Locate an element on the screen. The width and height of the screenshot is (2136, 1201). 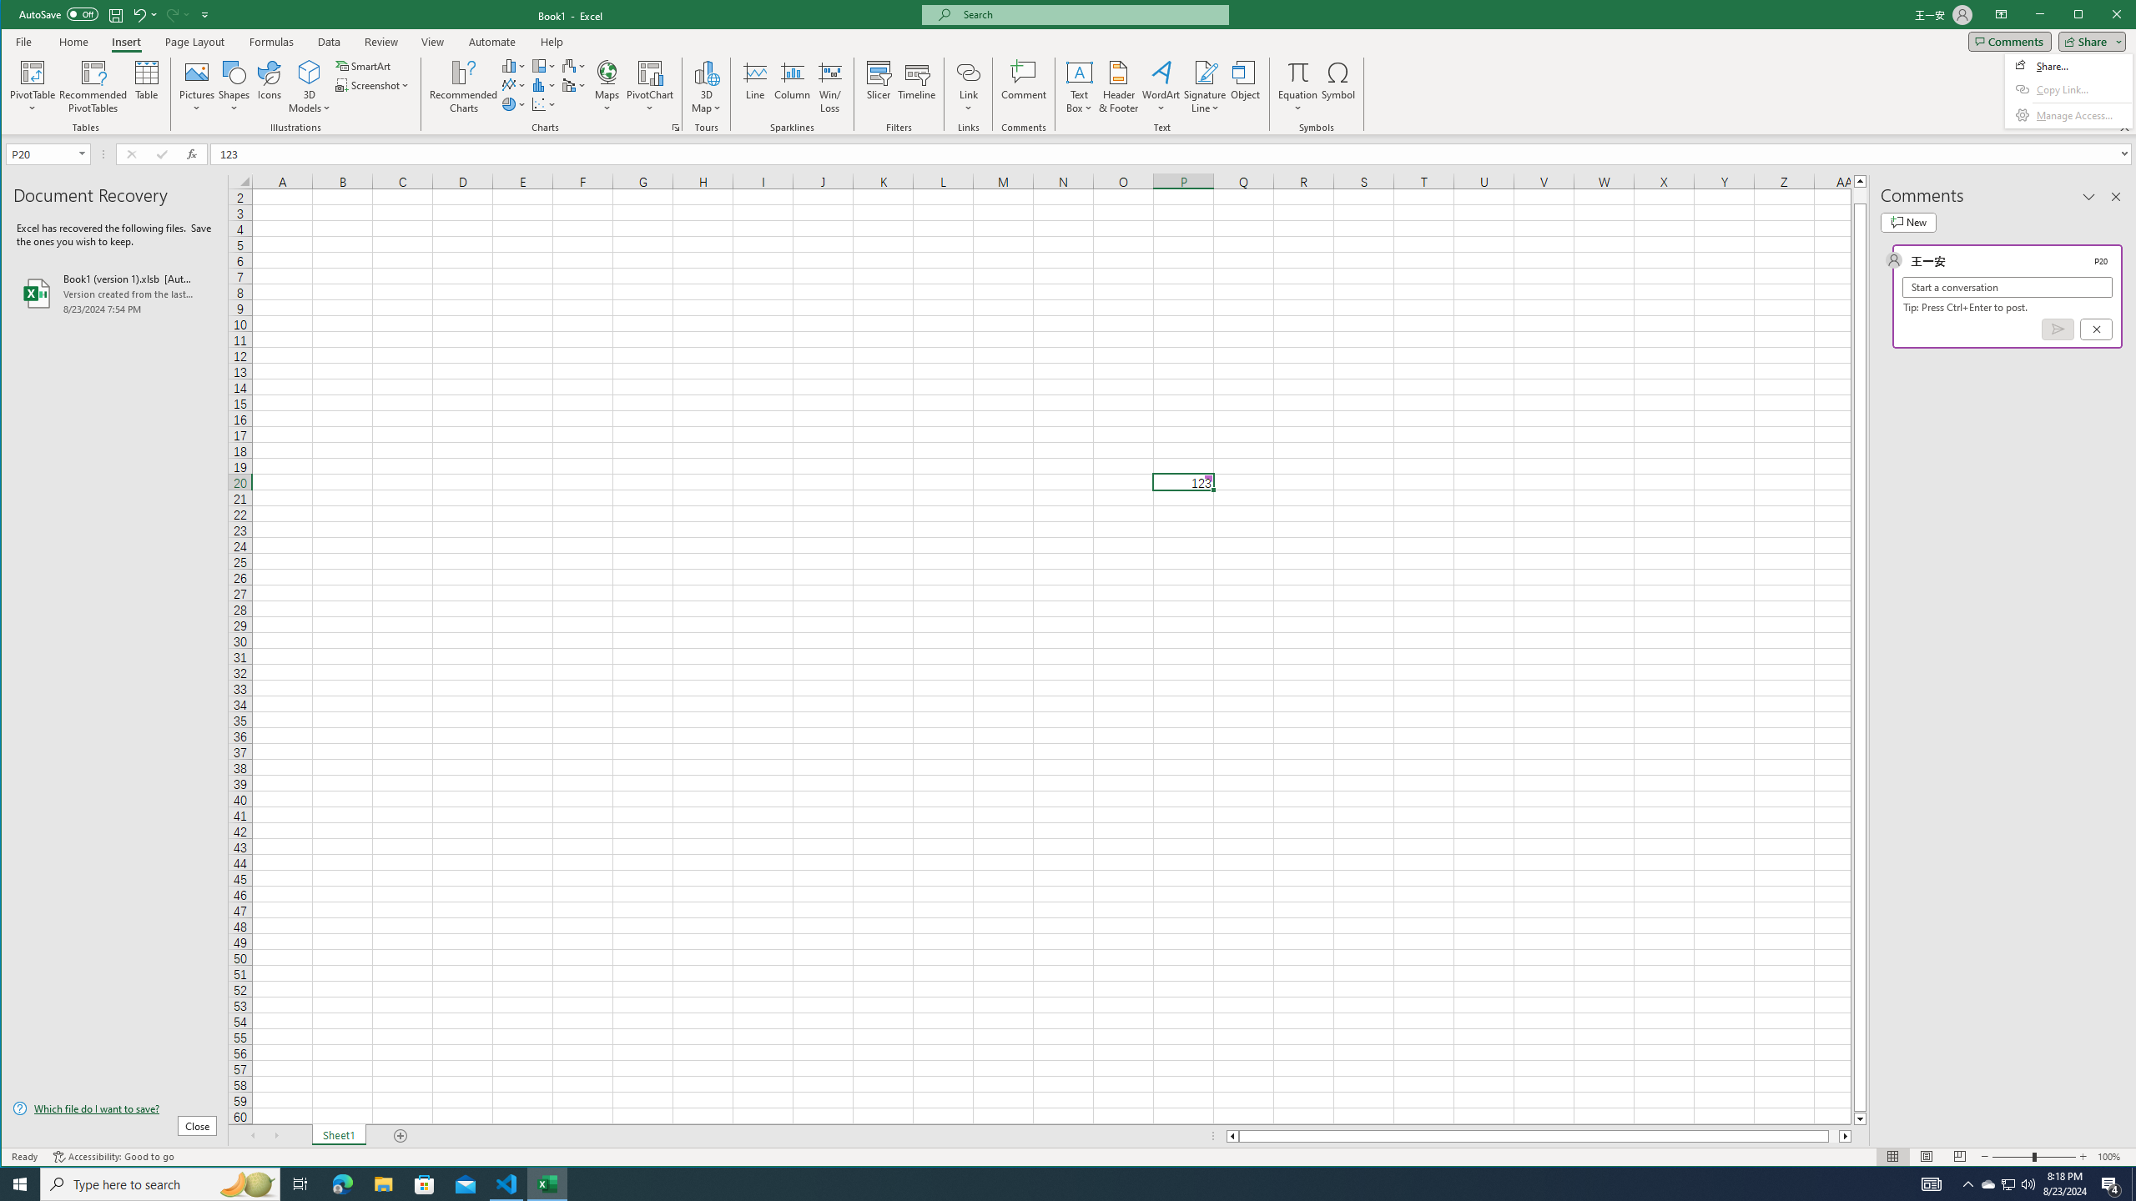
'Recommended PivotTables' is located at coordinates (93, 86).